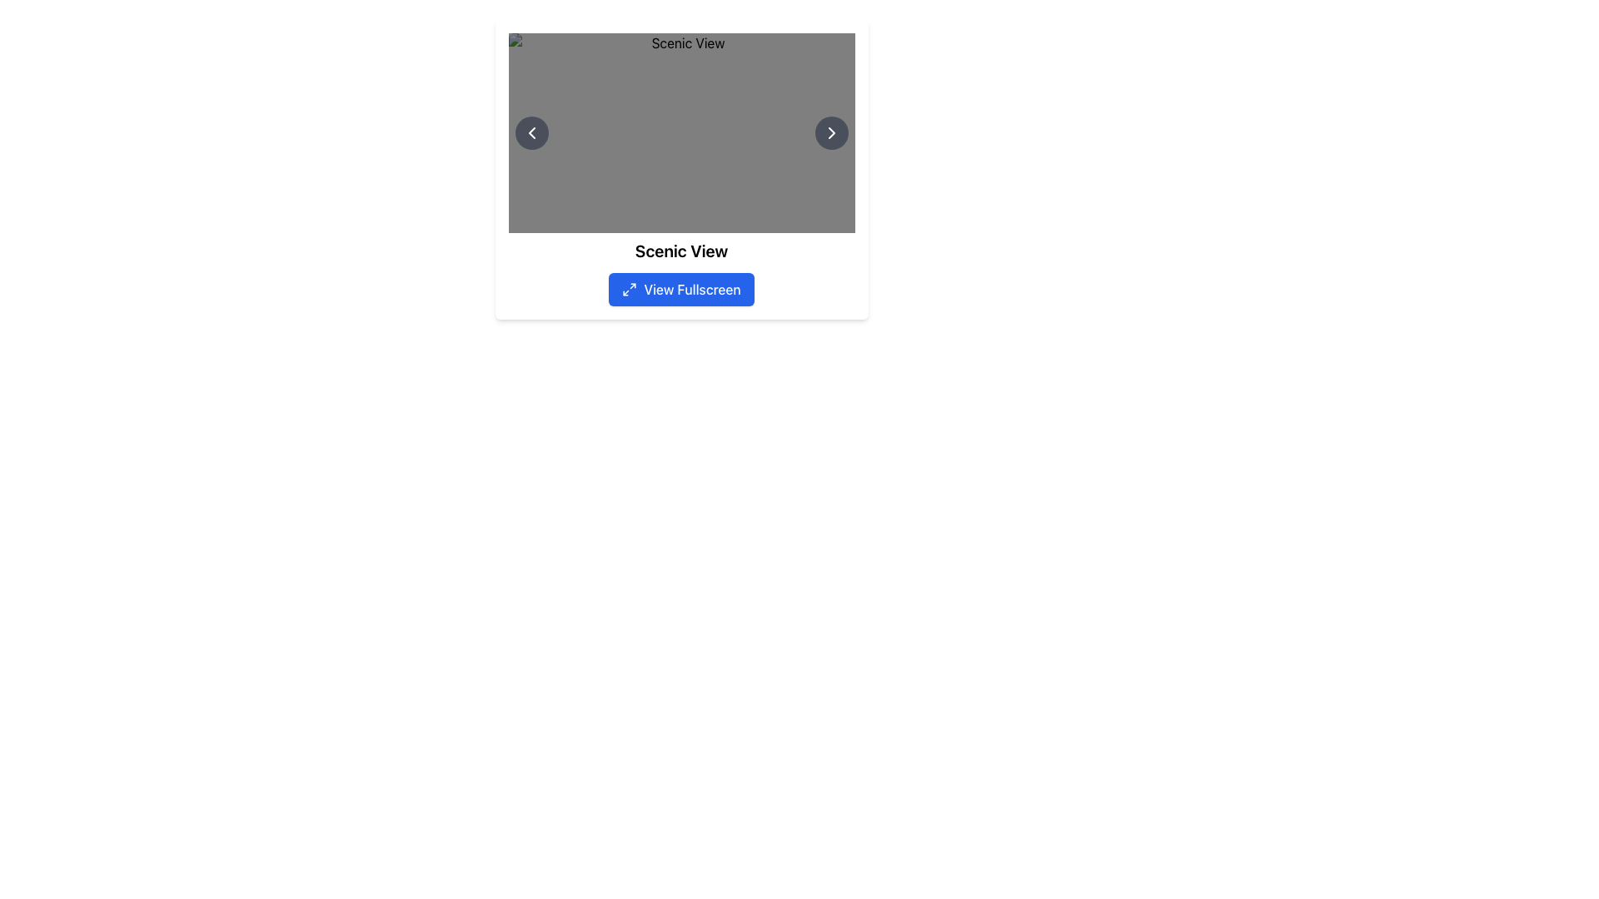  What do you see at coordinates (531, 132) in the screenshot?
I see `the circular button with a dark gray background and a white leftward-pointing chevron icon` at bounding box center [531, 132].